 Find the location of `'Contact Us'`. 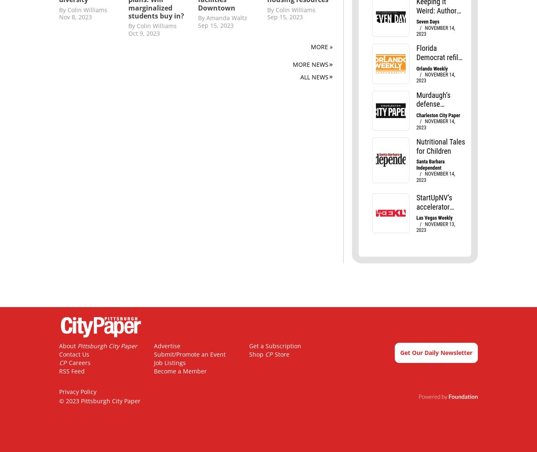

'Contact Us' is located at coordinates (74, 354).